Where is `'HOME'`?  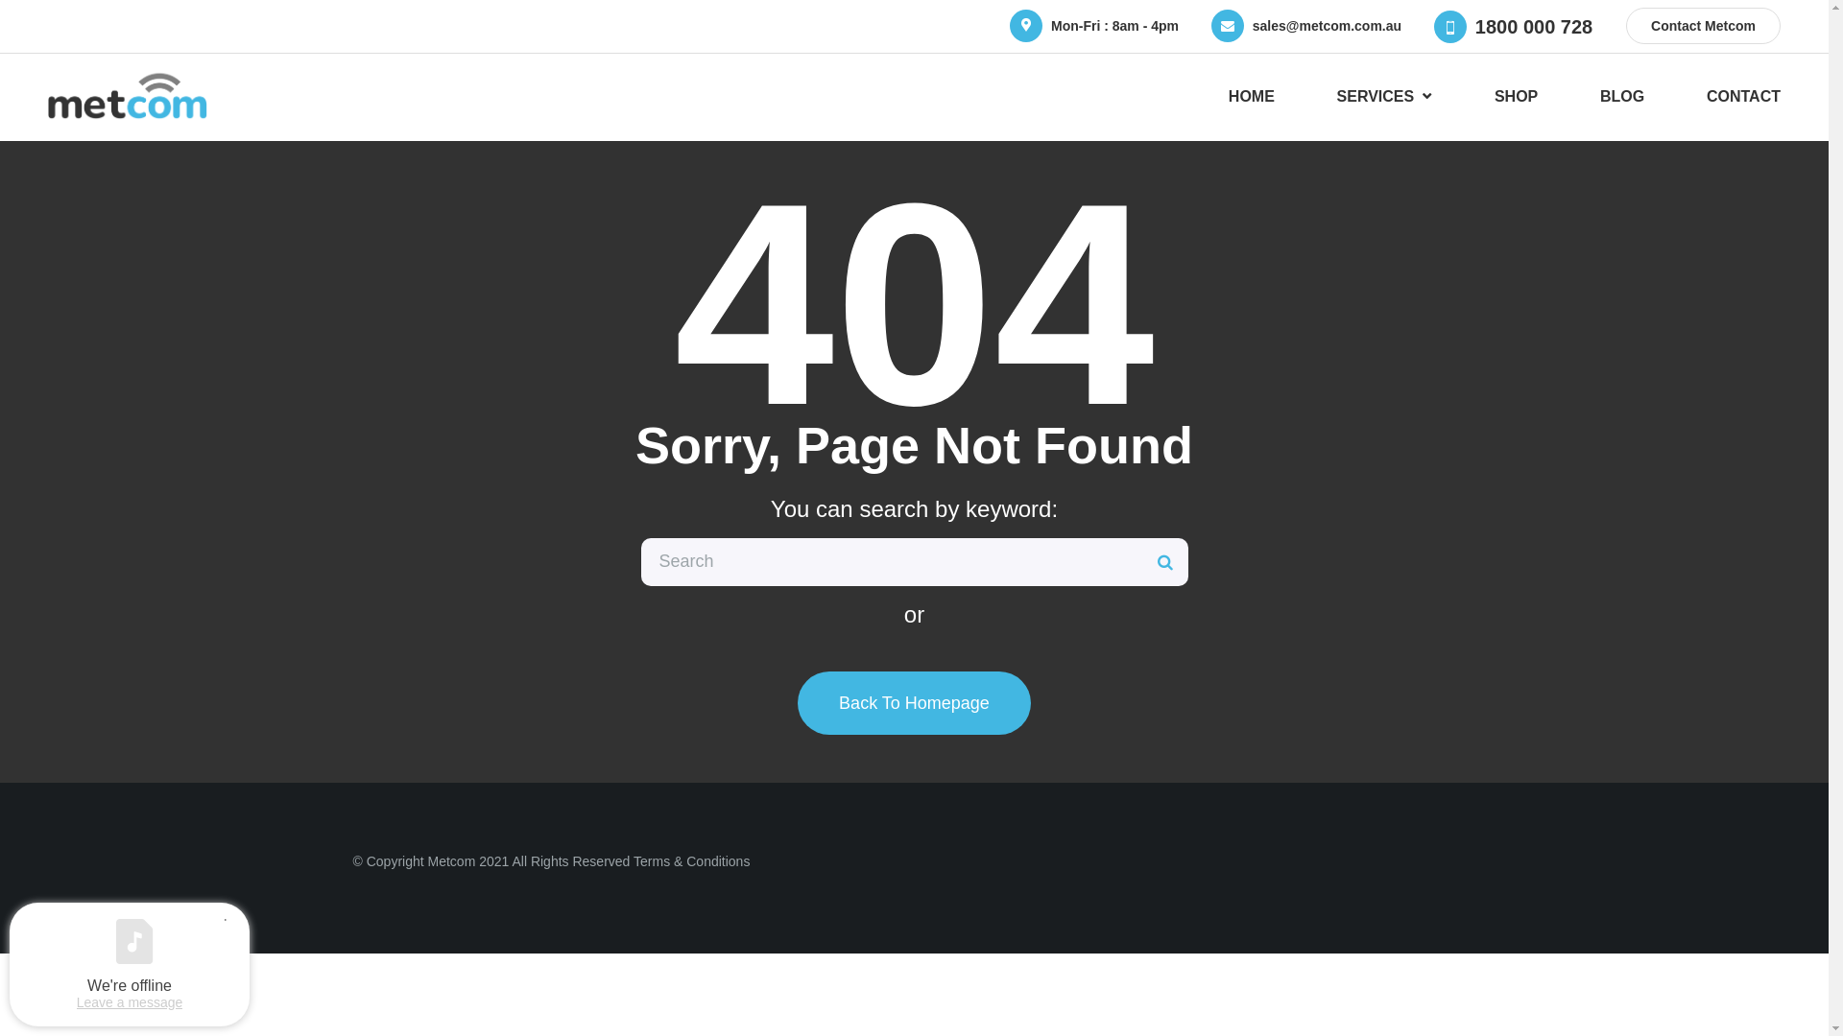
'HOME' is located at coordinates (1229, 96).